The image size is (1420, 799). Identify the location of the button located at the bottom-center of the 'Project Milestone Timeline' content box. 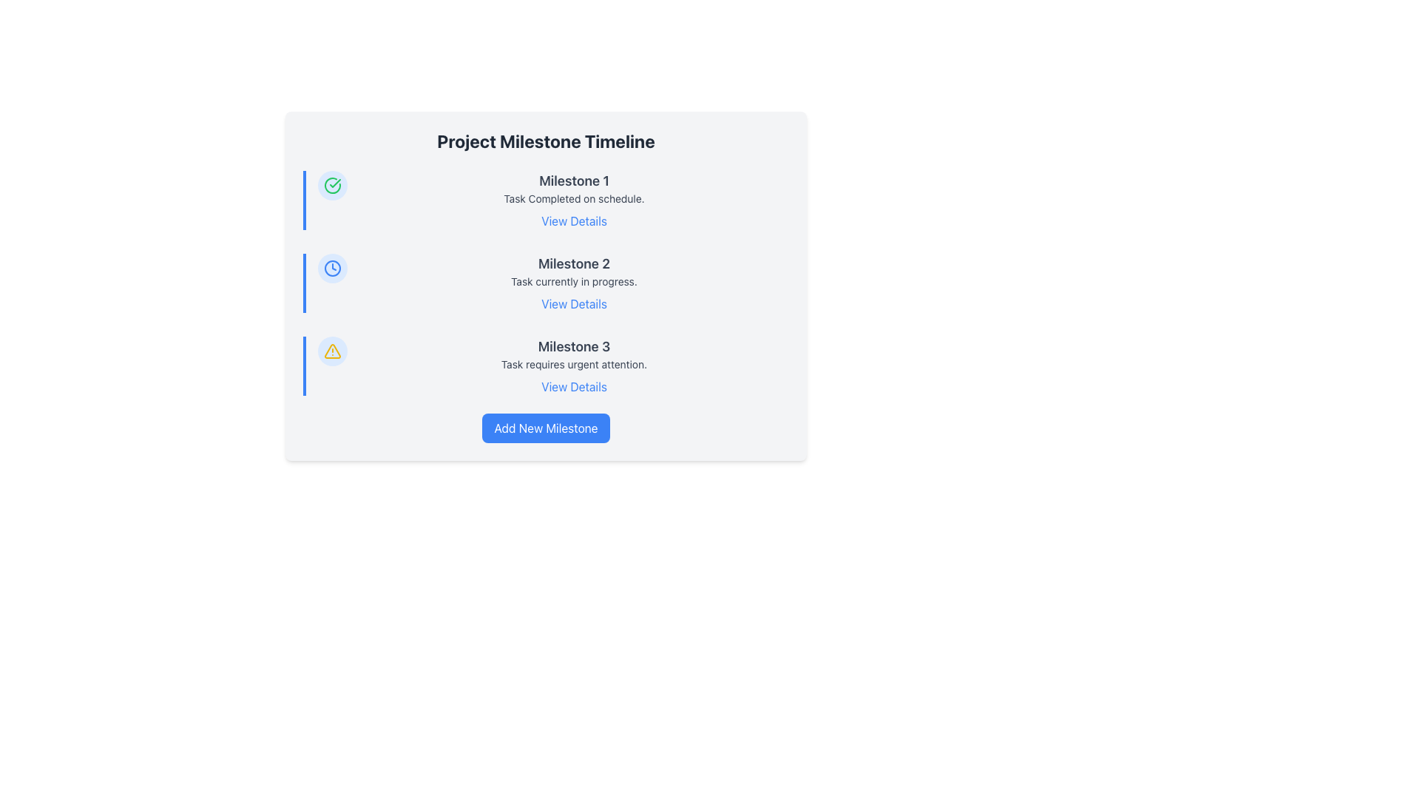
(545, 428).